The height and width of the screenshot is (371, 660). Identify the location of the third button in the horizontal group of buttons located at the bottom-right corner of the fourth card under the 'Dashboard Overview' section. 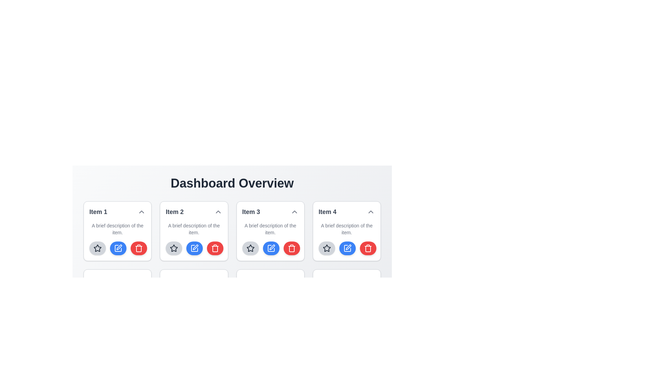
(291, 316).